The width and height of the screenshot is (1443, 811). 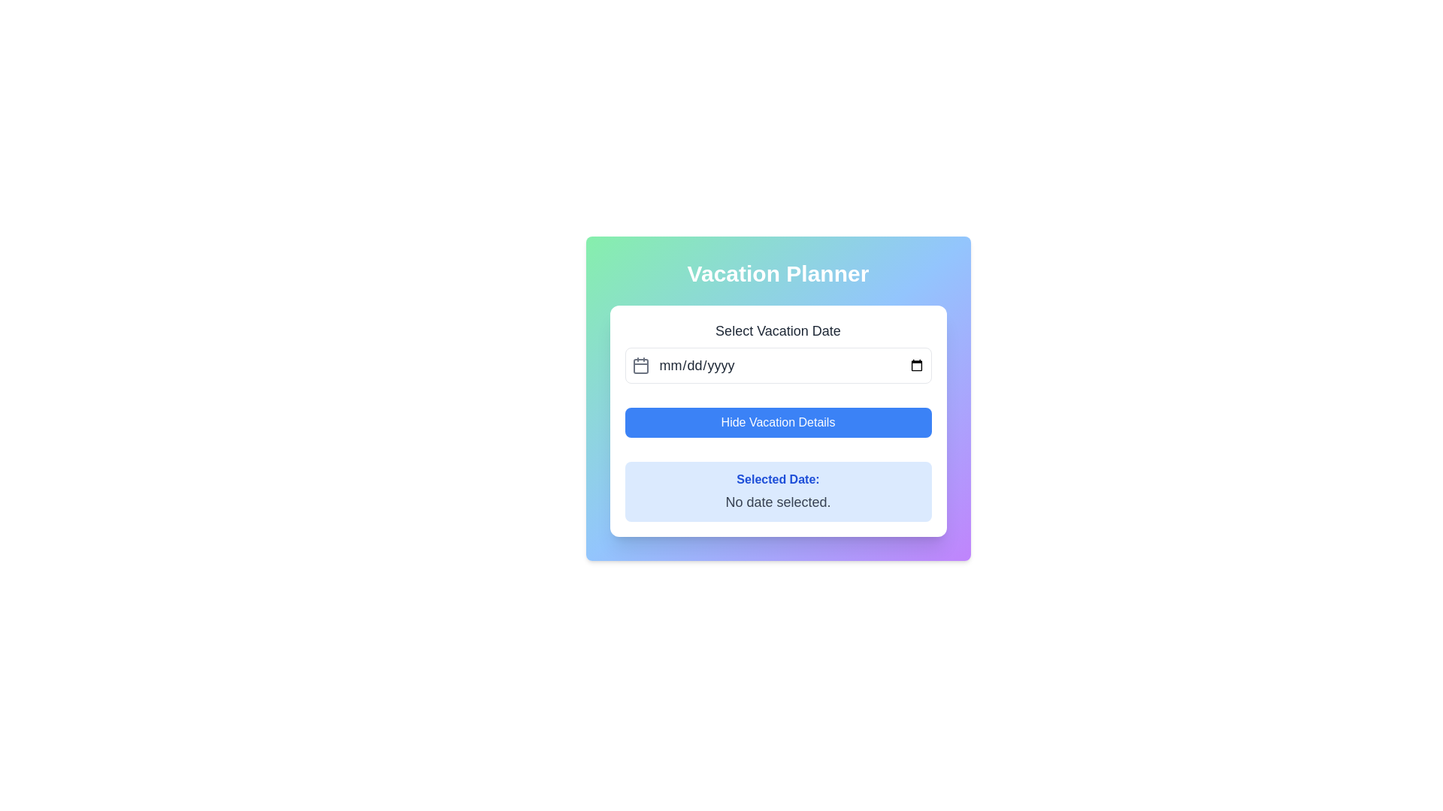 What do you see at coordinates (778, 502) in the screenshot?
I see `the informational static text that indicates the absence of a date selection, located beneath the 'Selected Date:' label` at bounding box center [778, 502].